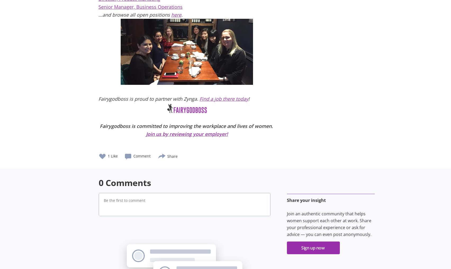 This screenshot has width=451, height=269. Describe the element at coordinates (224, 99) in the screenshot. I see `'Find a job there today'` at that location.